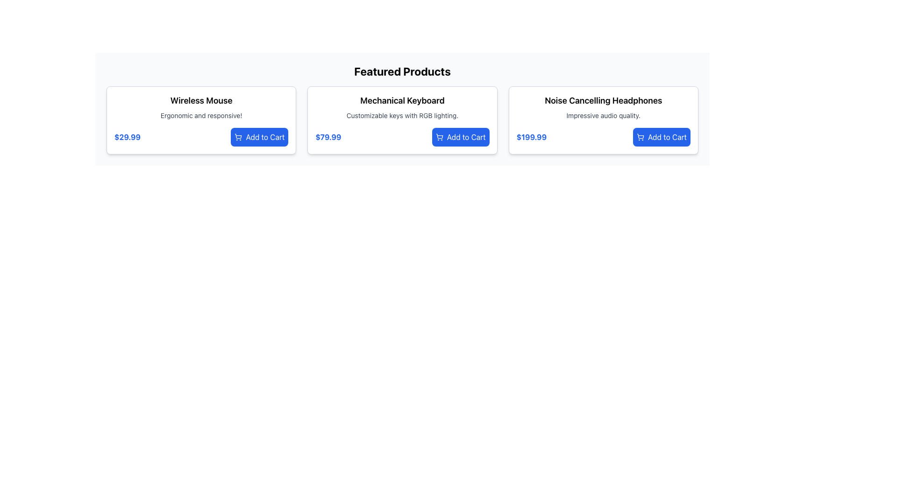 This screenshot has height=504, width=897. What do you see at coordinates (402, 101) in the screenshot?
I see `the 'Mechanical Keyboard' text label, which is a bold and large font heading located near the top of the middle card in a horizontal row of product cards` at bounding box center [402, 101].